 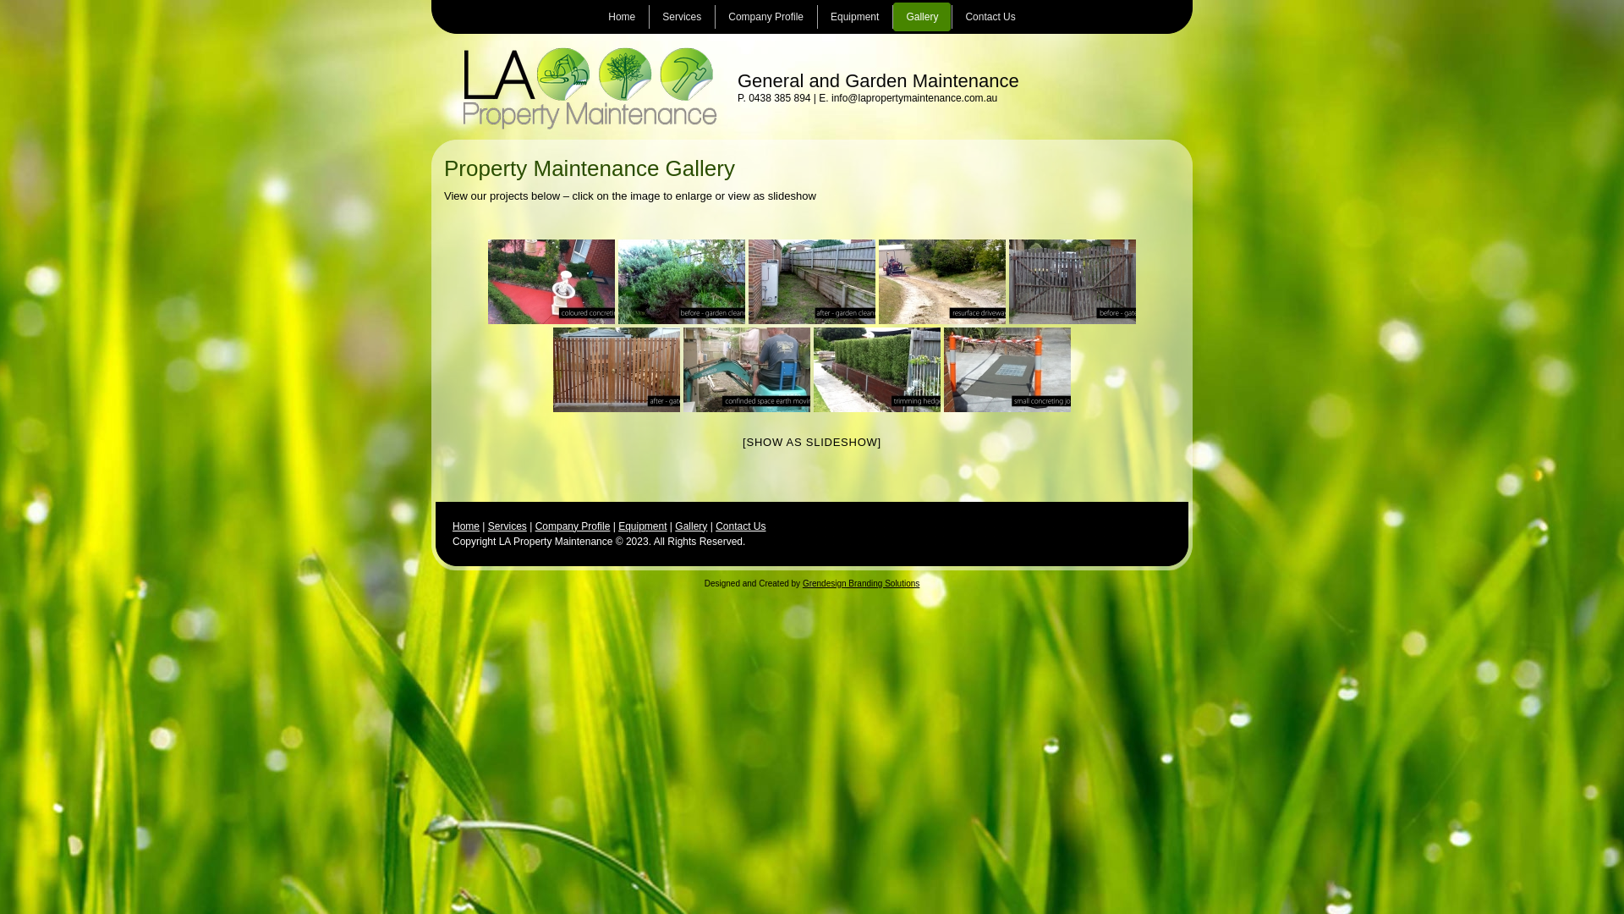 What do you see at coordinates (802, 582) in the screenshot?
I see `'Grendesign Branding Solutions'` at bounding box center [802, 582].